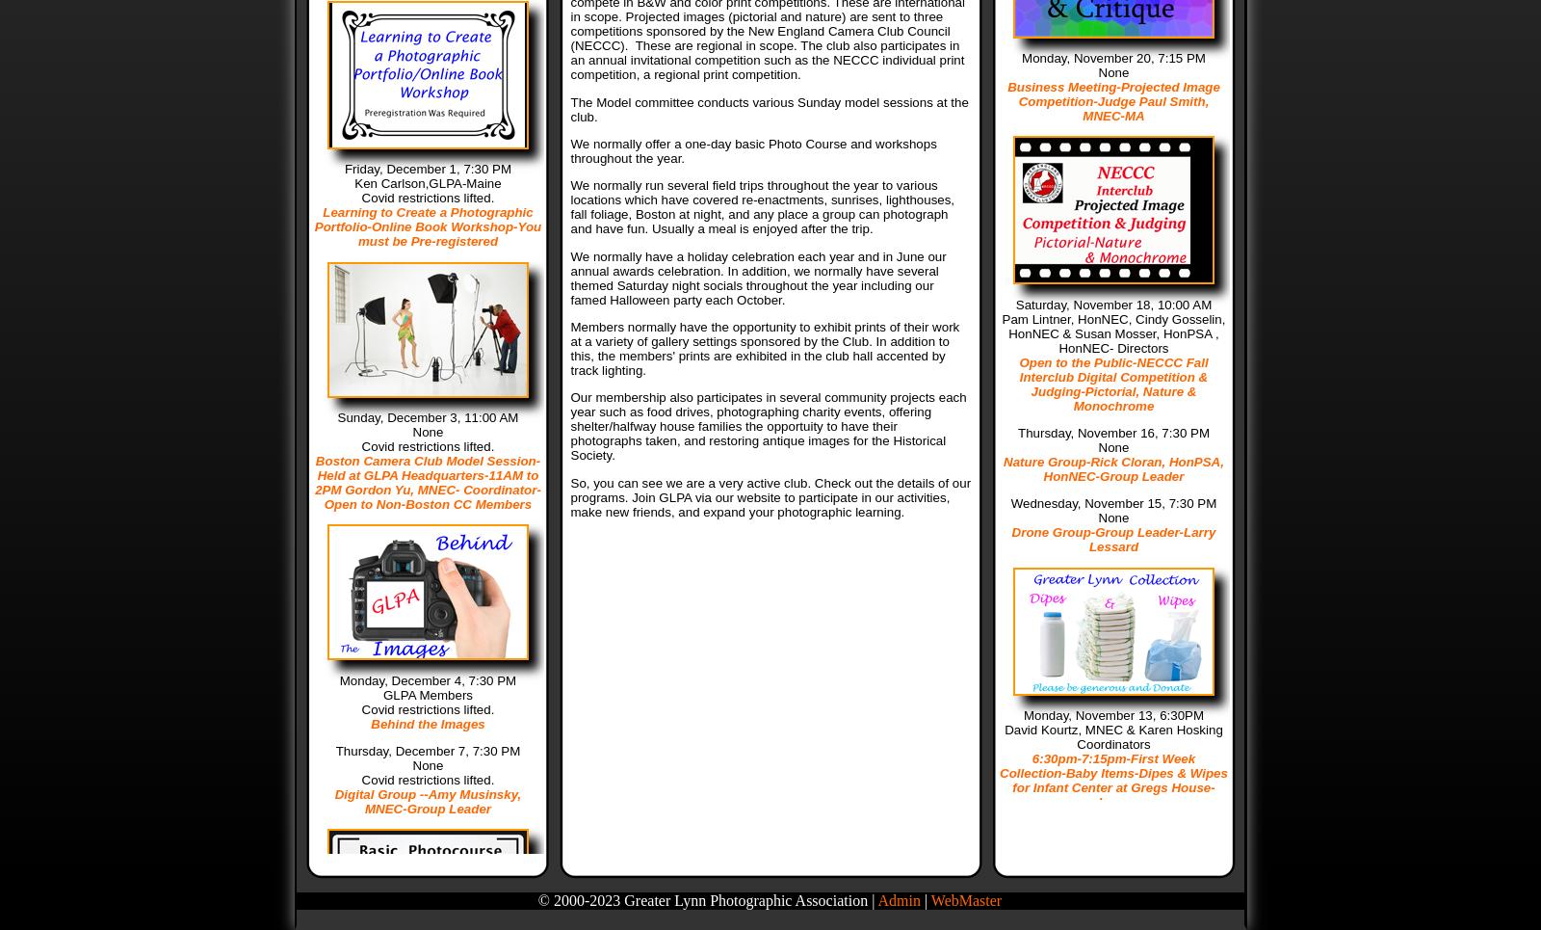  I want to click on 'Drone Group-Group Leader-Larry Lessard', so click(1113, 539).